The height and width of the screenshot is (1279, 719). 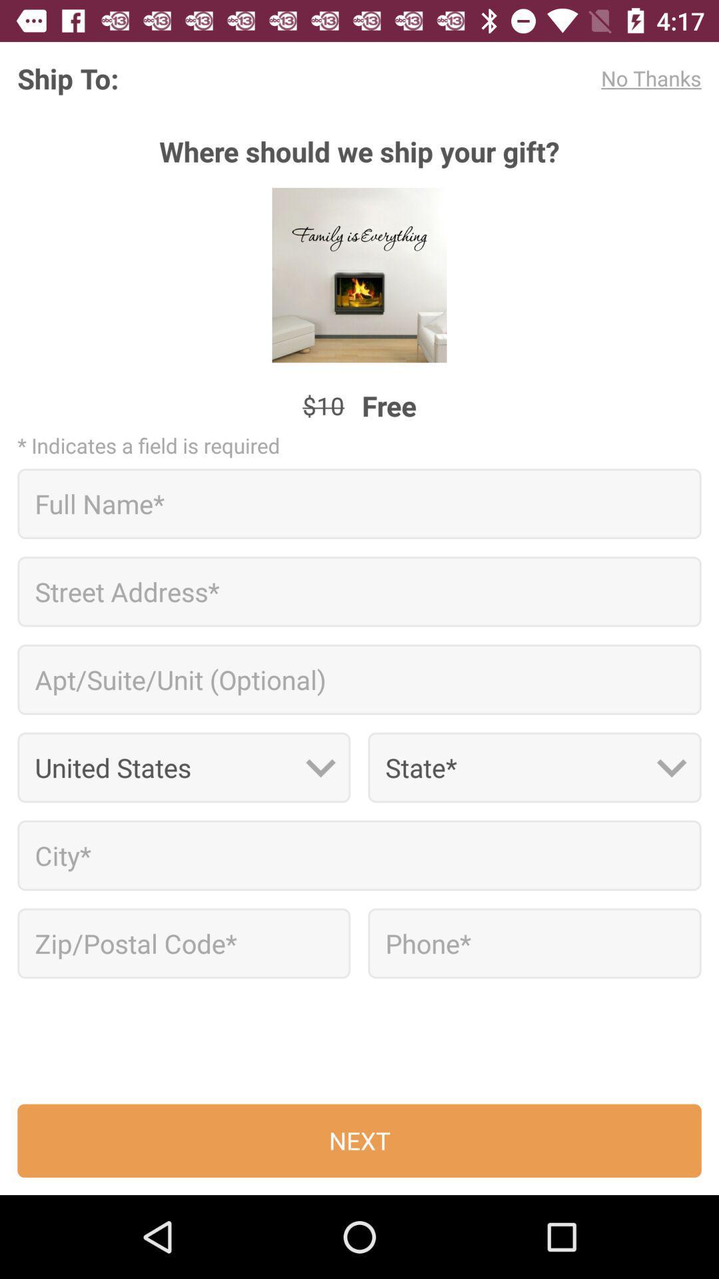 I want to click on the city text field above postal code text field, so click(x=359, y=855).